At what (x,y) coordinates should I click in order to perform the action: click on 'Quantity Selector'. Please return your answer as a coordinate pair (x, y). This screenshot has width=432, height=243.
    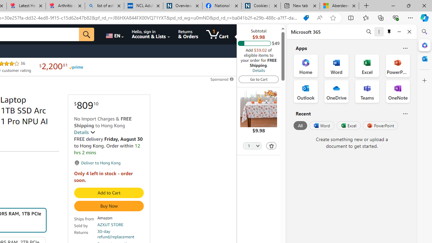
    Looking at the image, I should click on (252, 146).